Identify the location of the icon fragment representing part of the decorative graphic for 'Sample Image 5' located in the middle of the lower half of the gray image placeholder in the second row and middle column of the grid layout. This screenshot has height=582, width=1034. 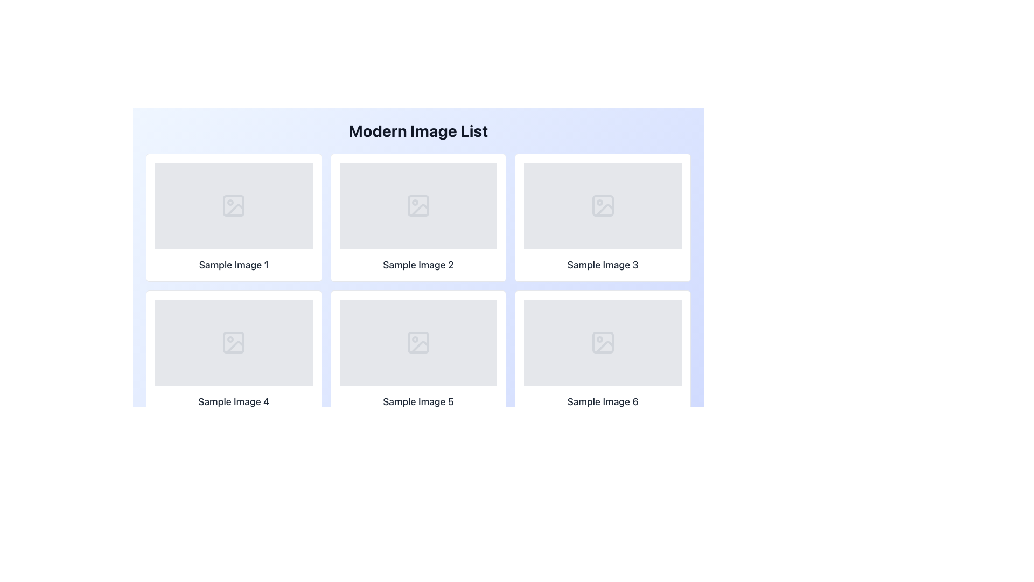
(419, 347).